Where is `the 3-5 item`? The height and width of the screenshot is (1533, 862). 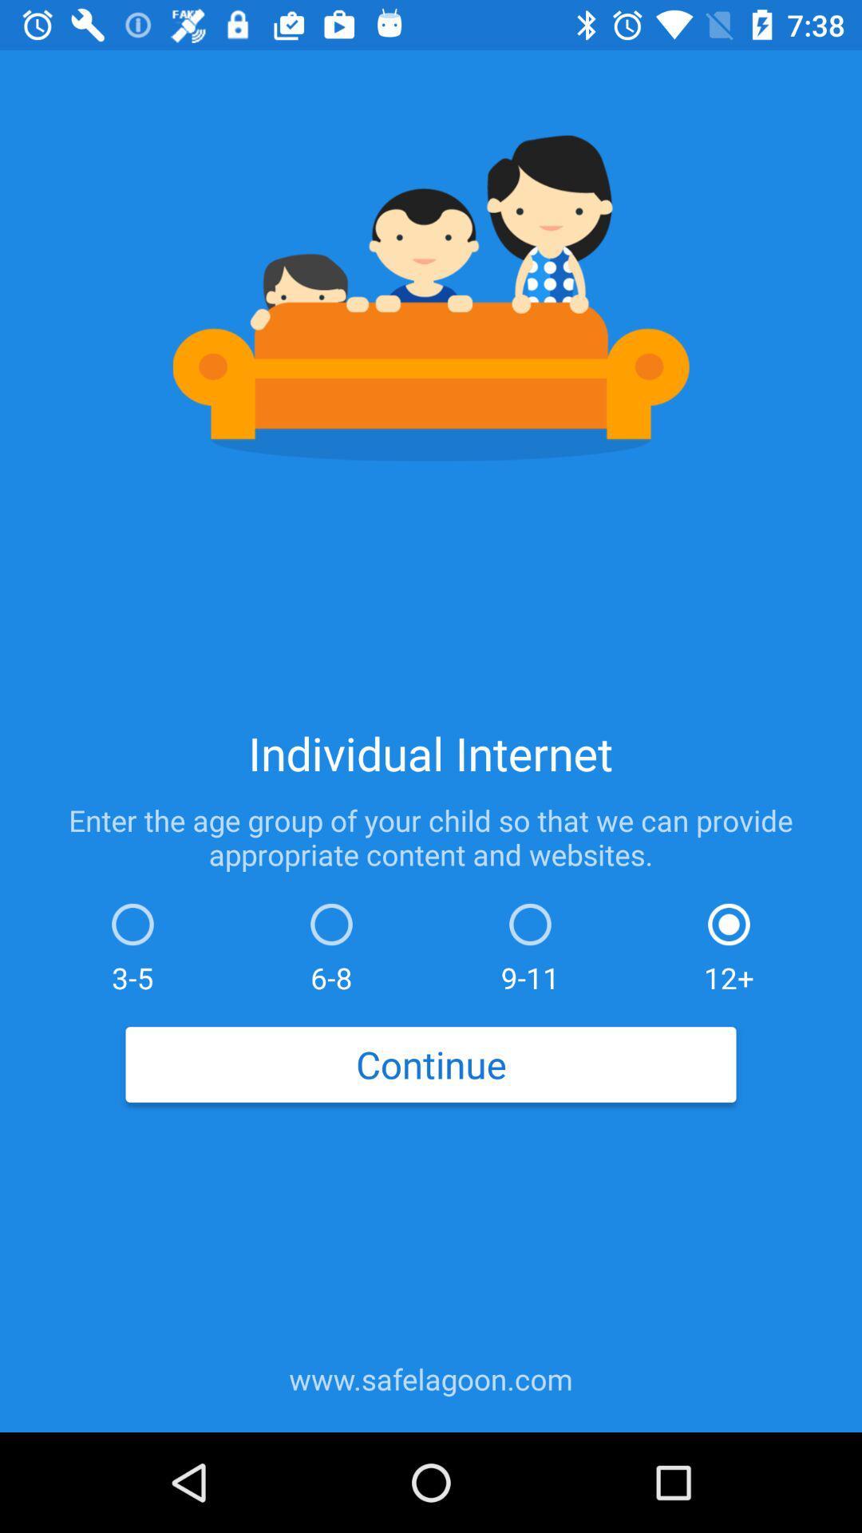
the 3-5 item is located at coordinates (132, 944).